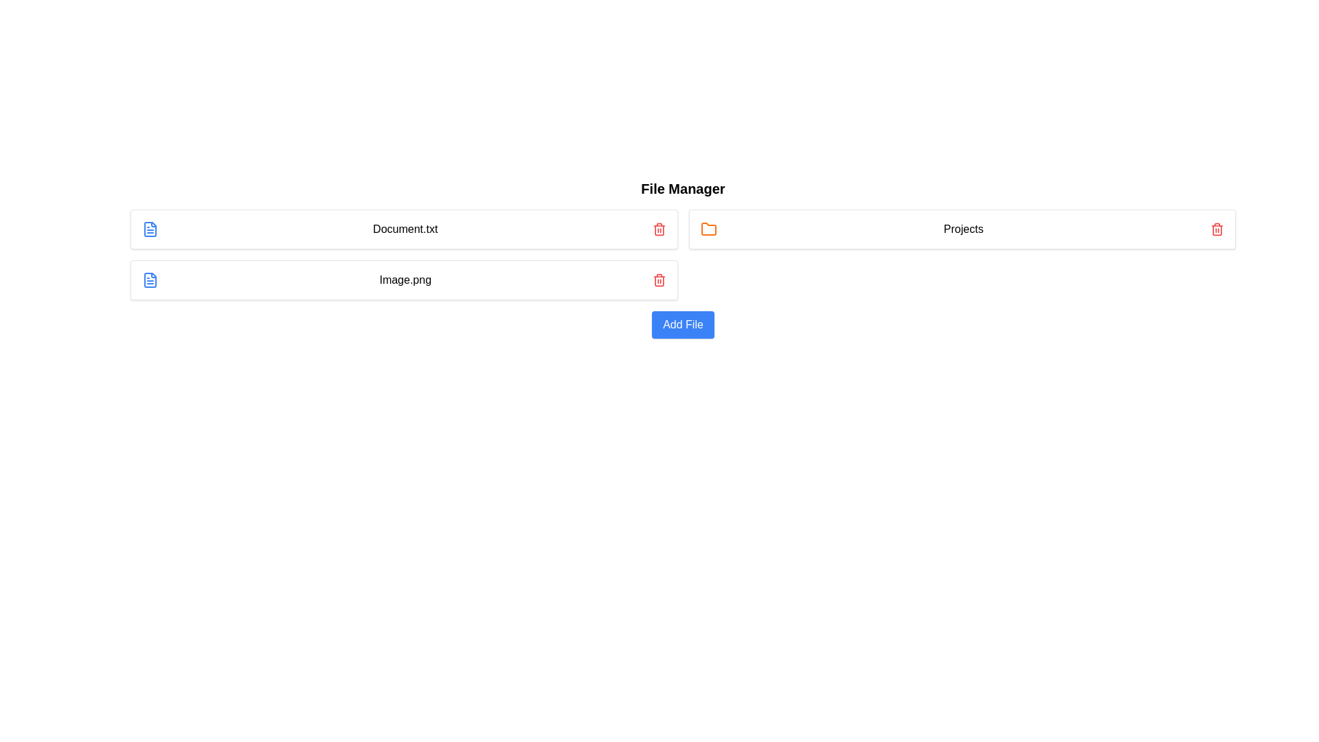  What do you see at coordinates (1217, 229) in the screenshot?
I see `the deletion button located on the far right of the 'Projects' panel` at bounding box center [1217, 229].